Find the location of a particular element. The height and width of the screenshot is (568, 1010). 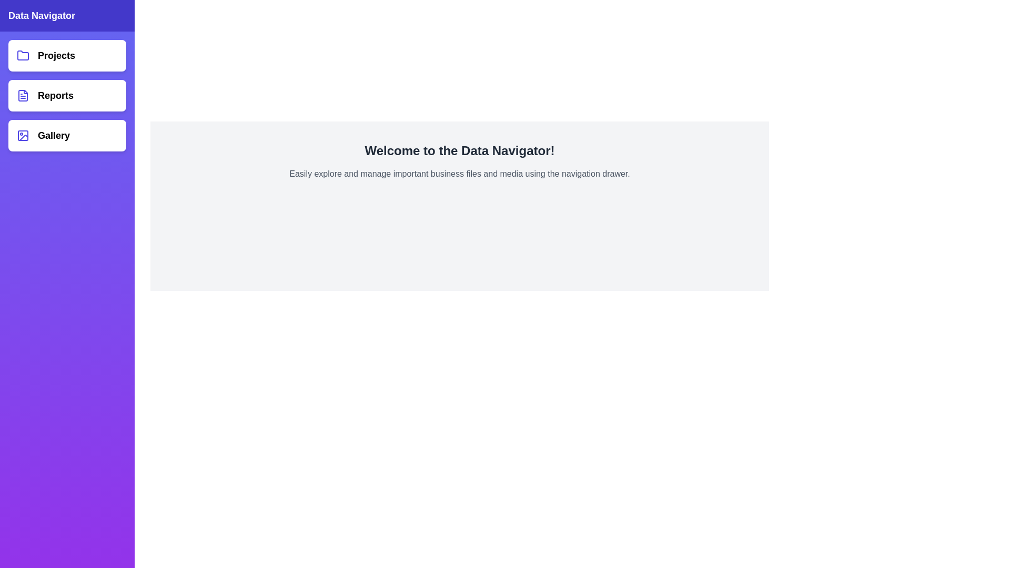

the navigation drawer item Gallery is located at coordinates (67, 135).